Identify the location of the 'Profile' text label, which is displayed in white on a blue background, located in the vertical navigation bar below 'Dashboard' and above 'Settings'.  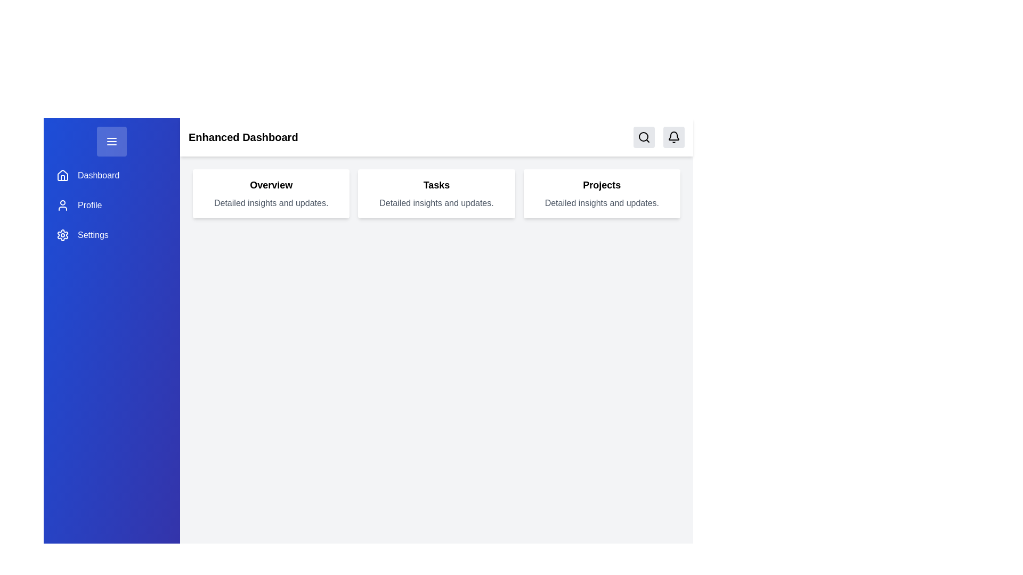
(90, 205).